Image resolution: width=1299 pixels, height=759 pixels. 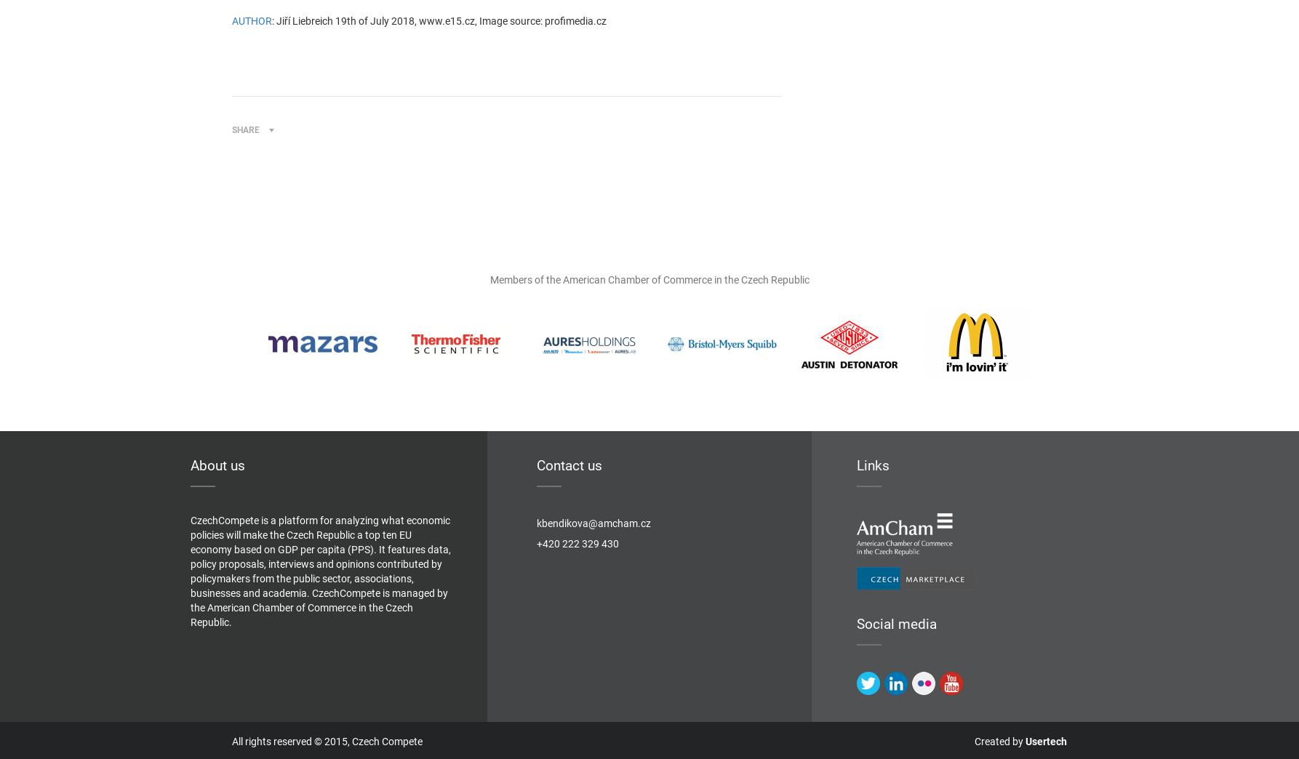 I want to click on 'Share', so click(x=245, y=129).